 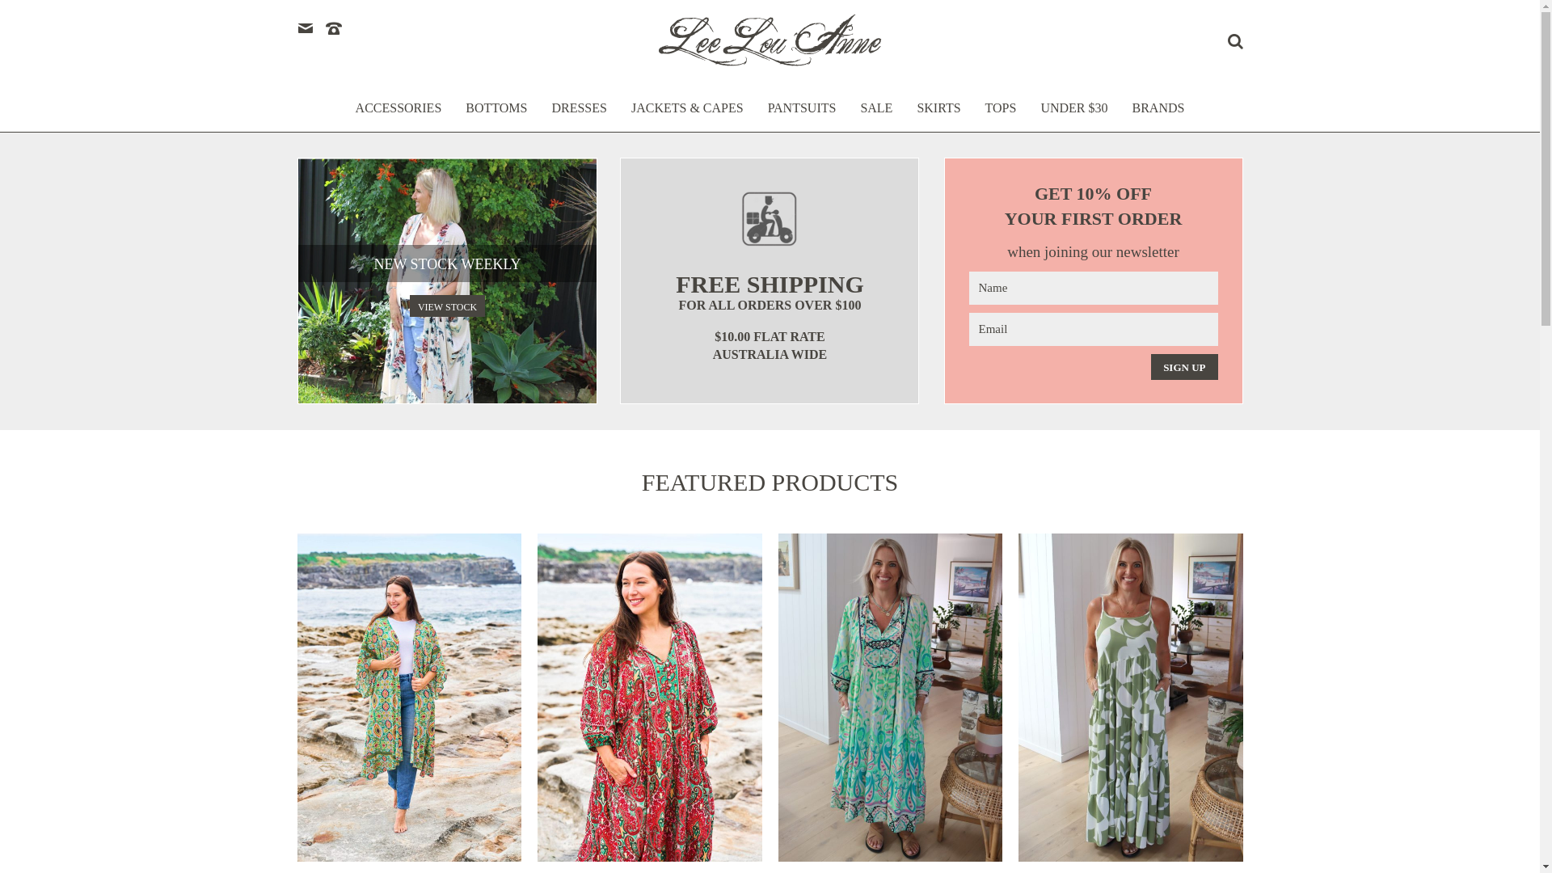 I want to click on 'TOPS', so click(x=1000, y=115).